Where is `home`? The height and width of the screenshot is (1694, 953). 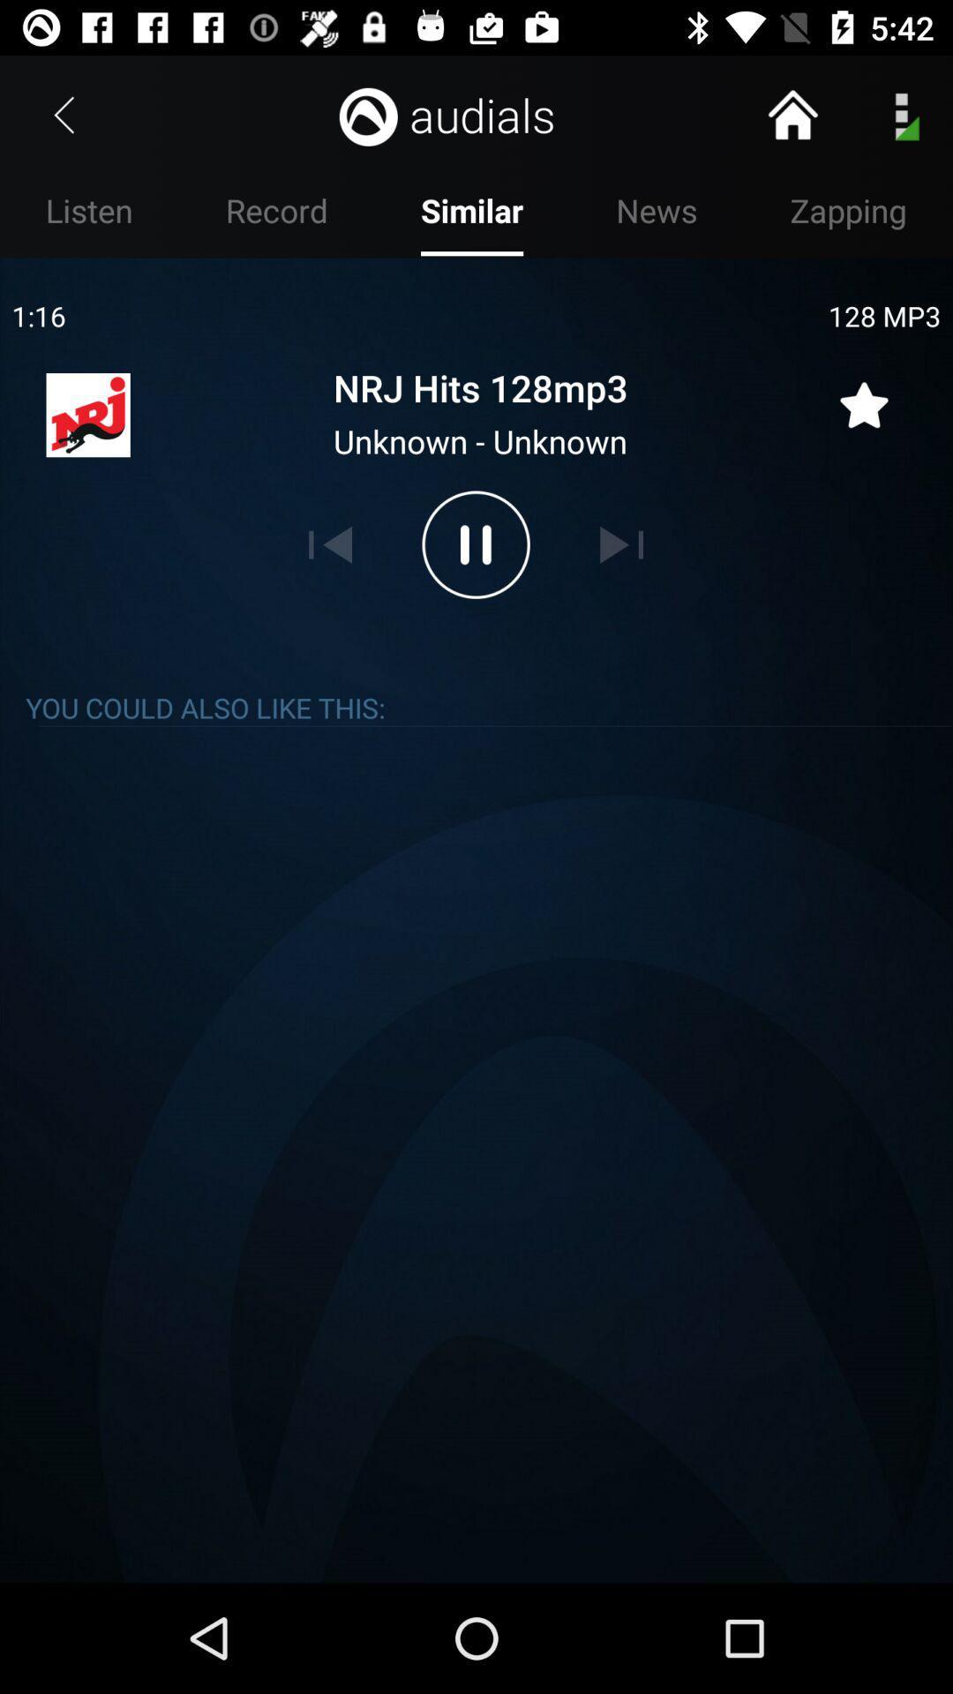 home is located at coordinates (792, 114).